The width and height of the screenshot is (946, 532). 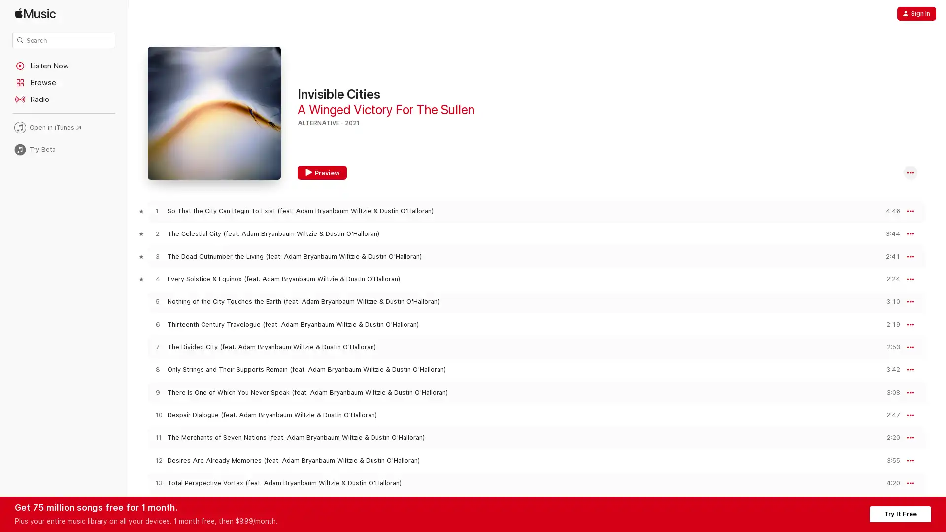 I want to click on Play, so click(x=157, y=324).